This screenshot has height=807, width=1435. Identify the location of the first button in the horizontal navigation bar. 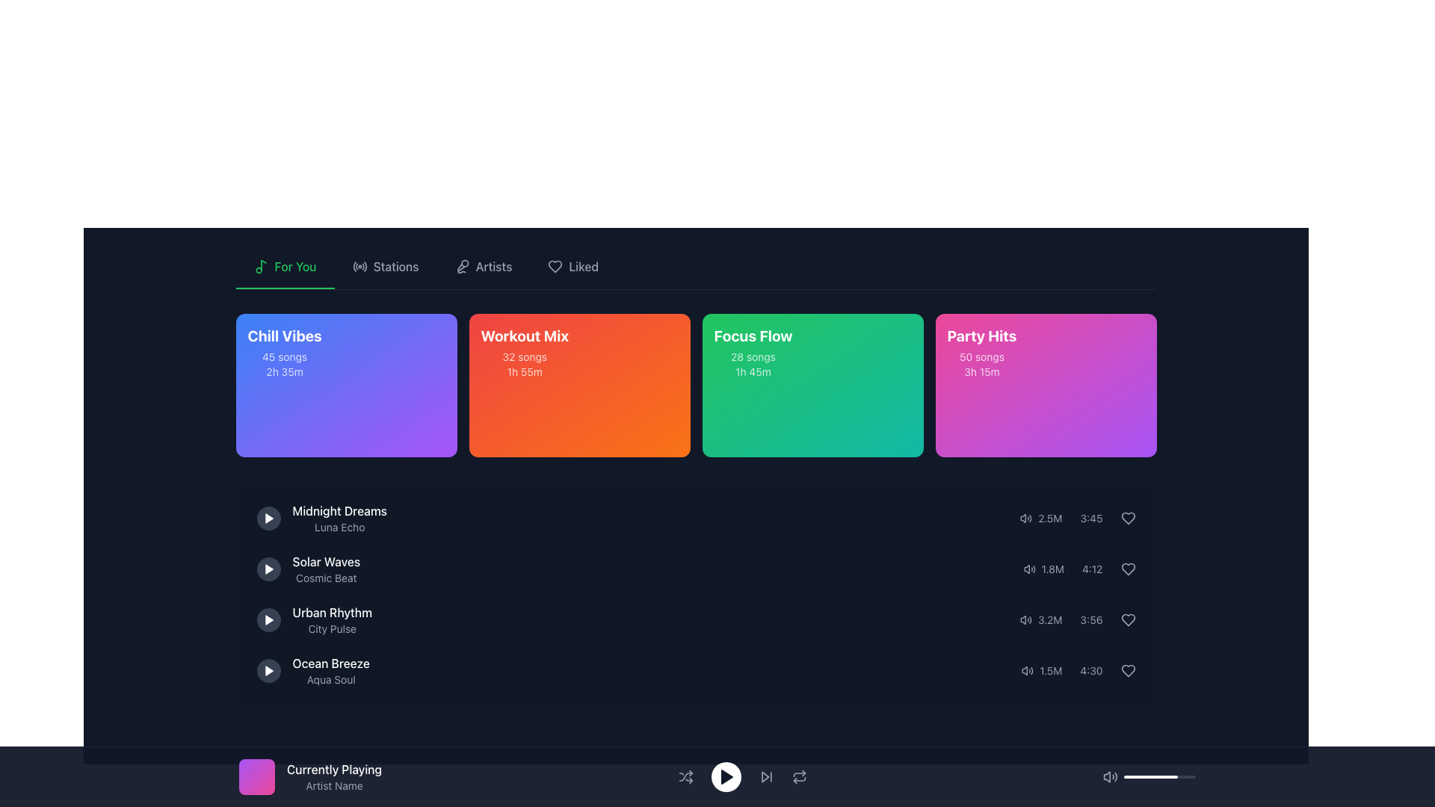
(285, 267).